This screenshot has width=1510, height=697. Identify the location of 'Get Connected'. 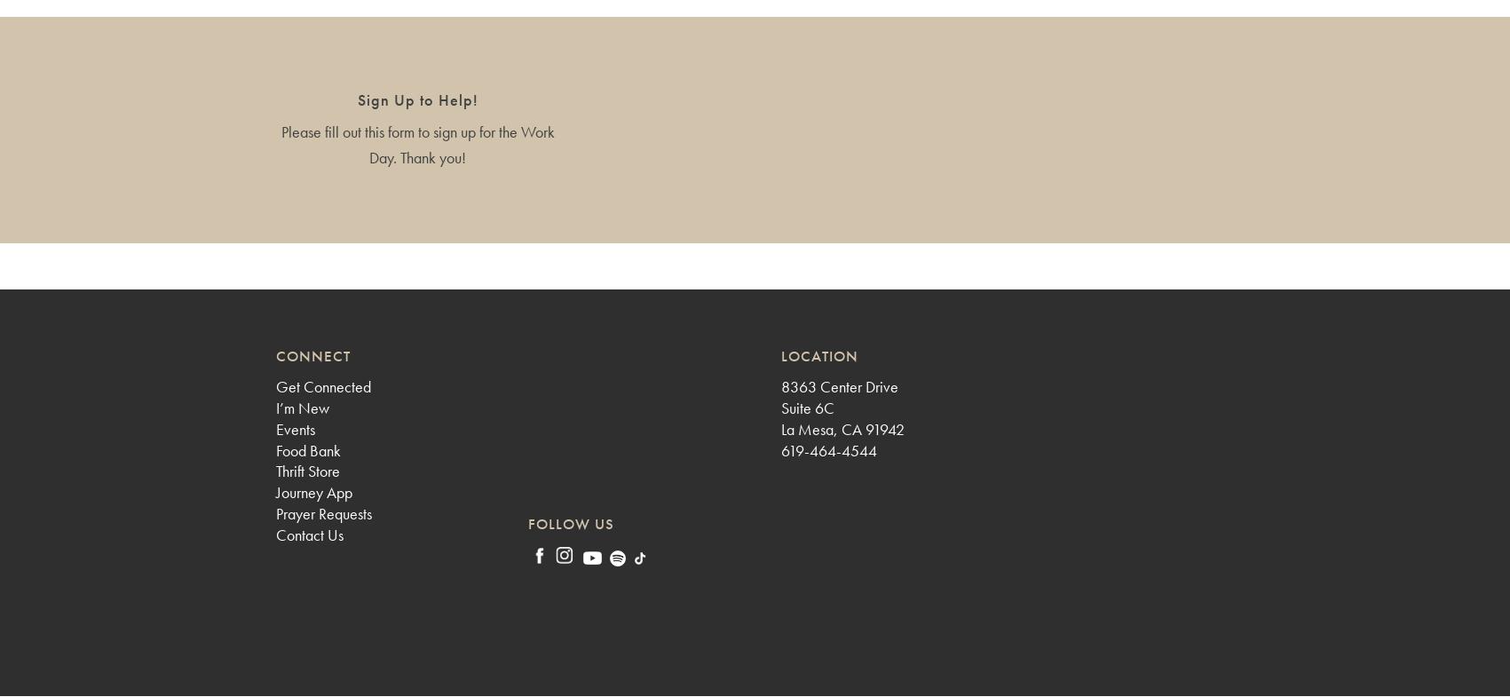
(322, 386).